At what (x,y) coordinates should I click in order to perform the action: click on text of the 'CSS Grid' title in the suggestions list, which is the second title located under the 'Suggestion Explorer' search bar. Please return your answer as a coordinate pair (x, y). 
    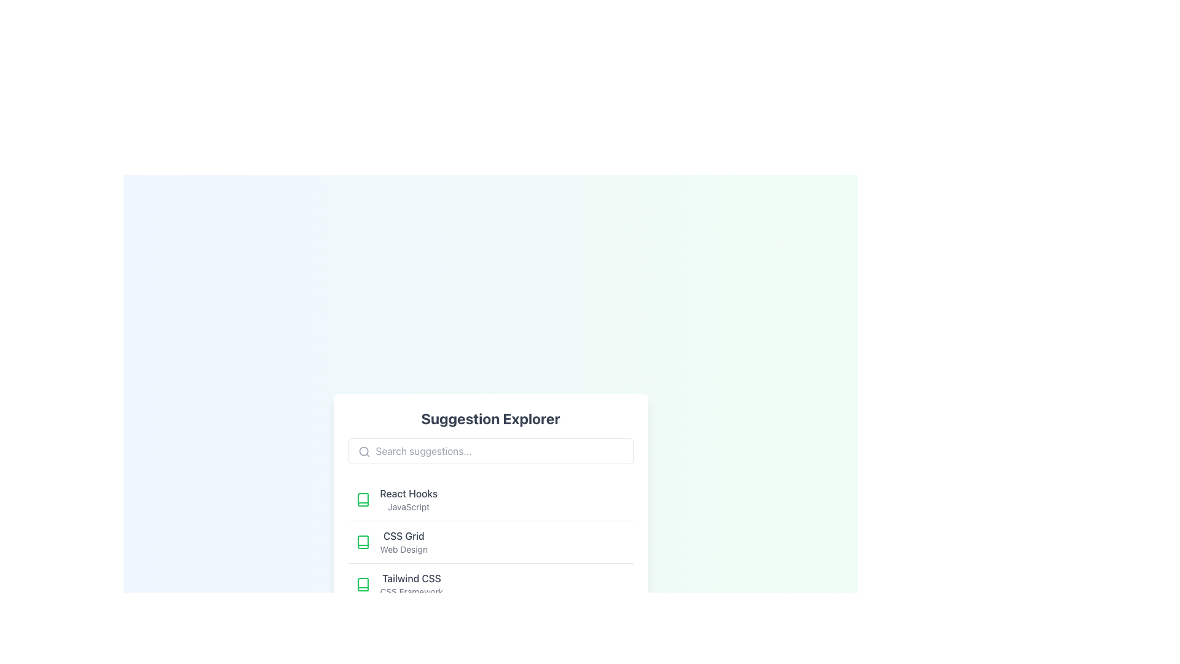
    Looking at the image, I should click on (404, 535).